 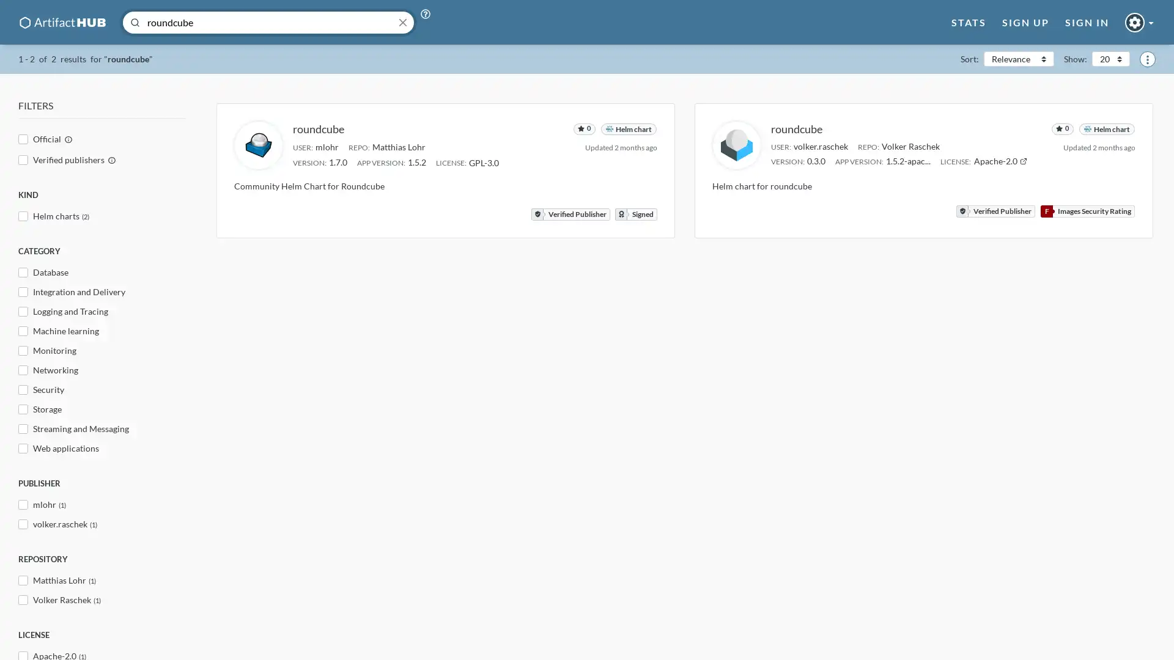 What do you see at coordinates (736, 617) in the screenshot?
I see `Disable usage tips` at bounding box center [736, 617].